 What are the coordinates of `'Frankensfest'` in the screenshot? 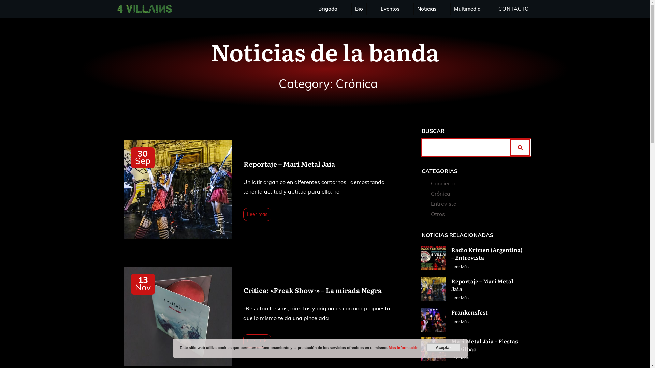 It's located at (469, 312).